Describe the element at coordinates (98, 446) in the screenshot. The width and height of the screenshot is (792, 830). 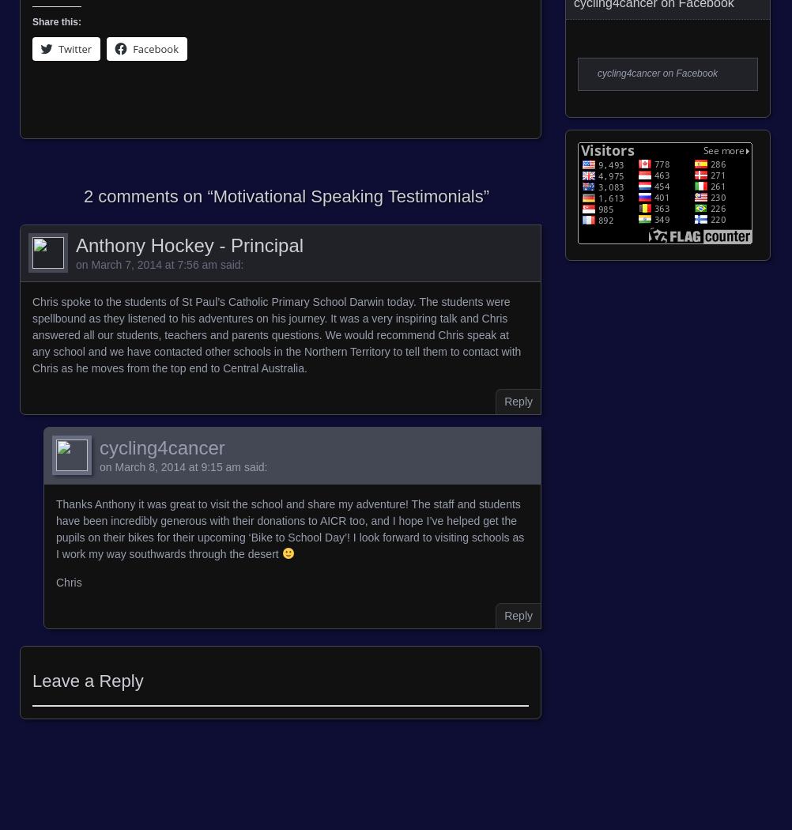
I see `'cycling4cancer'` at that location.